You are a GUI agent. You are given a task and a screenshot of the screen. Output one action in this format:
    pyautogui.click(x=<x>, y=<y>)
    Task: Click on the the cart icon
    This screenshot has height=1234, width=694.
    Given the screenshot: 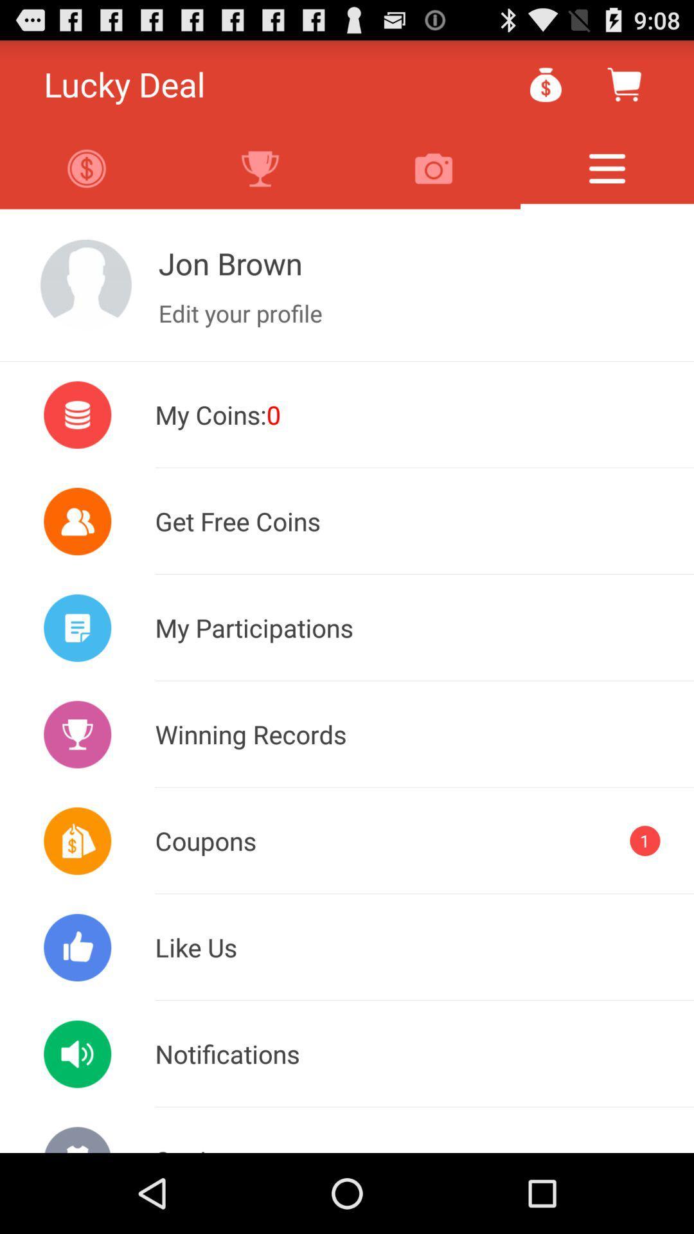 What is the action you would take?
    pyautogui.click(x=623, y=89)
    